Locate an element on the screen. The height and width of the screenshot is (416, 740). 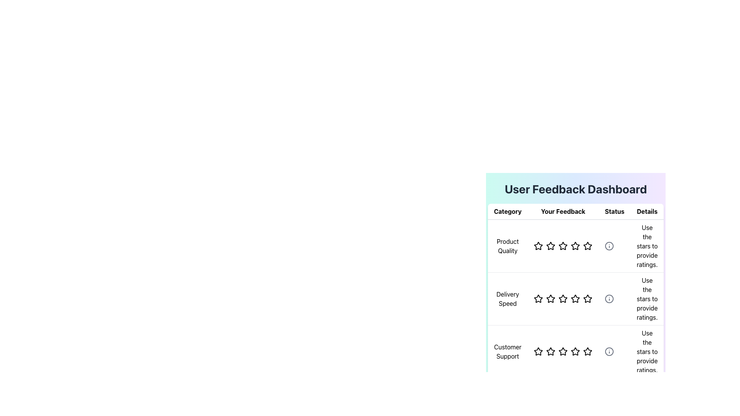
the third star icon in the 'Your Feedback' column under the 'Delivery Speed' row is located at coordinates (563, 298).